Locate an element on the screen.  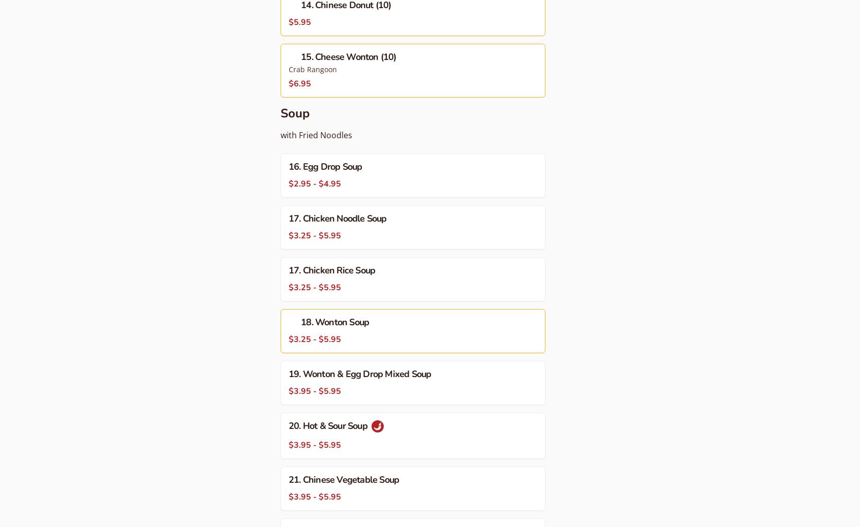
'18. Wonton Soup' is located at coordinates (335, 322).